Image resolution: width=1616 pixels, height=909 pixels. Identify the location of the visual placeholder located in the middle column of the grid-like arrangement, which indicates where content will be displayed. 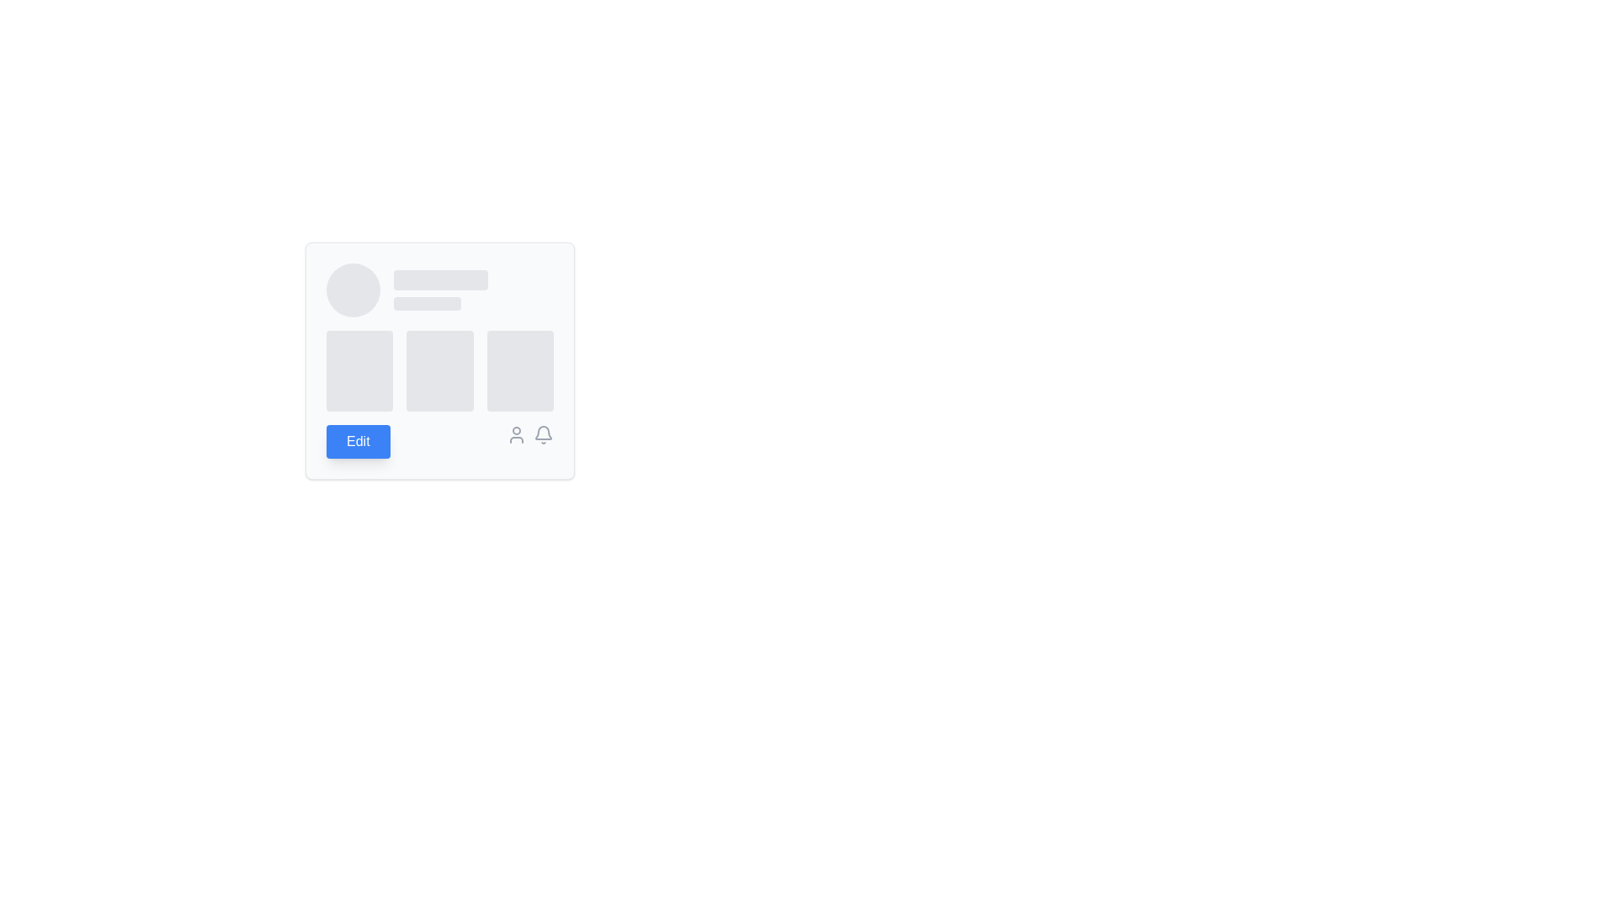
(440, 359).